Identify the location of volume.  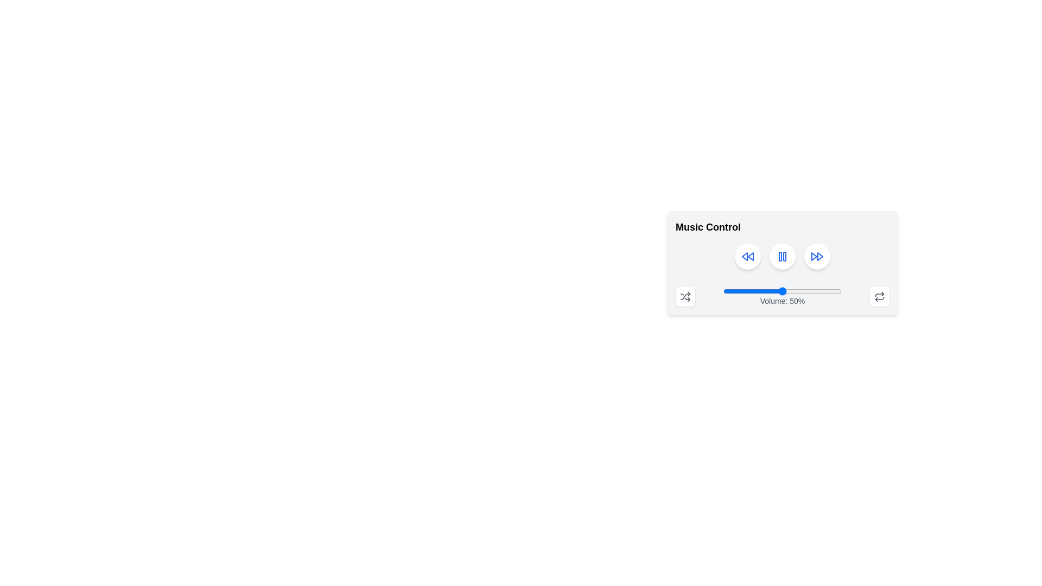
(766, 290).